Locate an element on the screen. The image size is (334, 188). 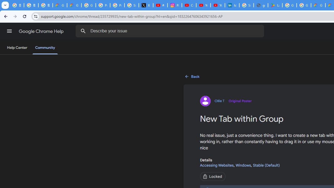
'Last Shelter: Survival - Apps on Google Play' is located at coordinates (275, 5).